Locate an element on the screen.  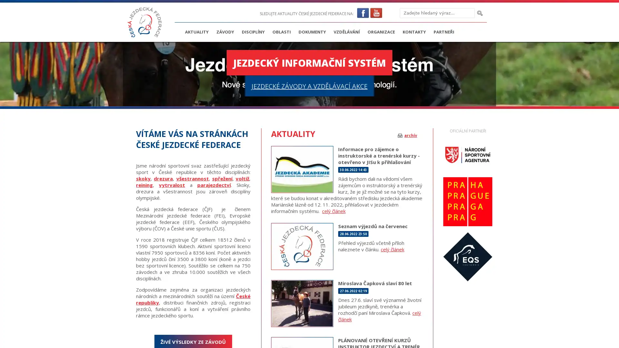
Hledat is located at coordinates (480, 13).